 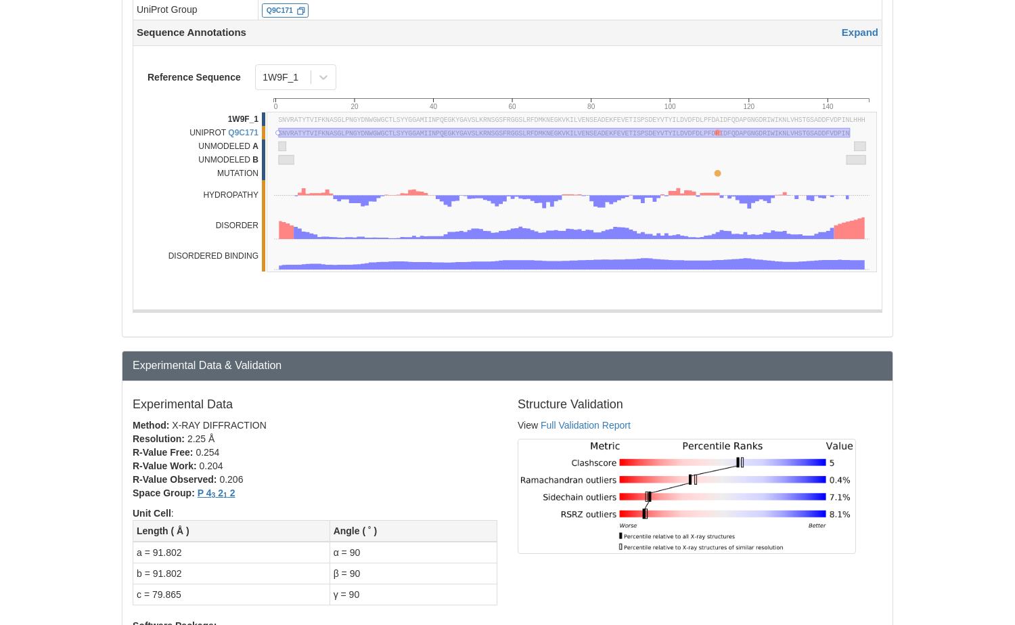 I want to click on 'Expand', so click(x=859, y=32).